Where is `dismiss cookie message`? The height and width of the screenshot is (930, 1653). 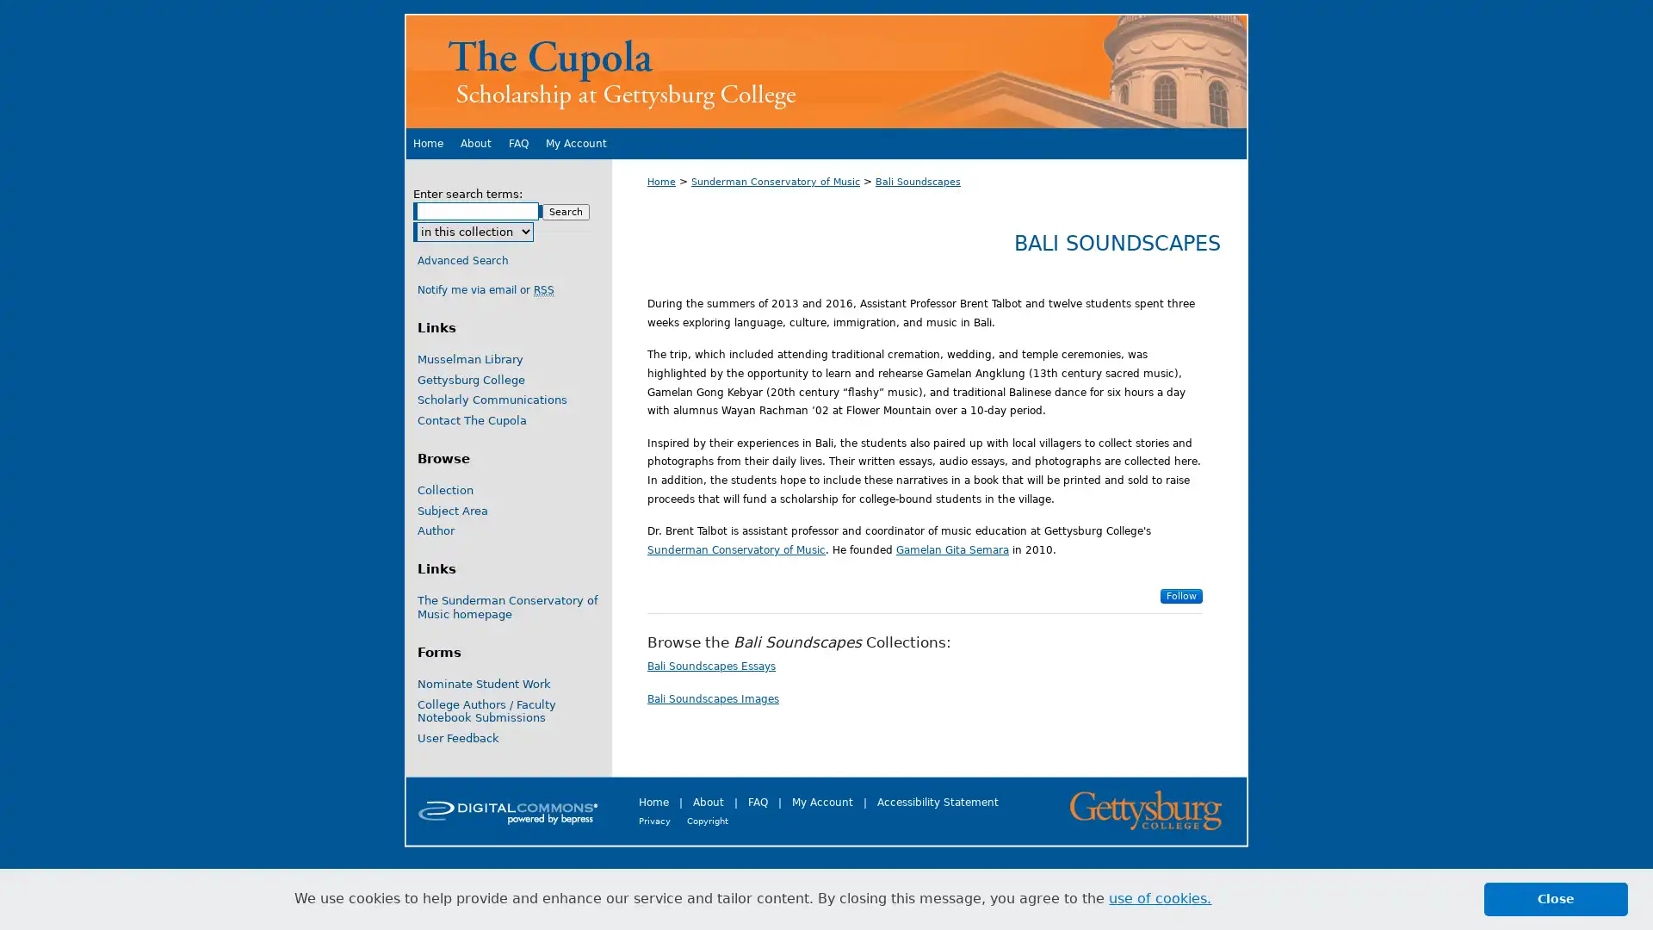
dismiss cookie message is located at coordinates (1556, 898).